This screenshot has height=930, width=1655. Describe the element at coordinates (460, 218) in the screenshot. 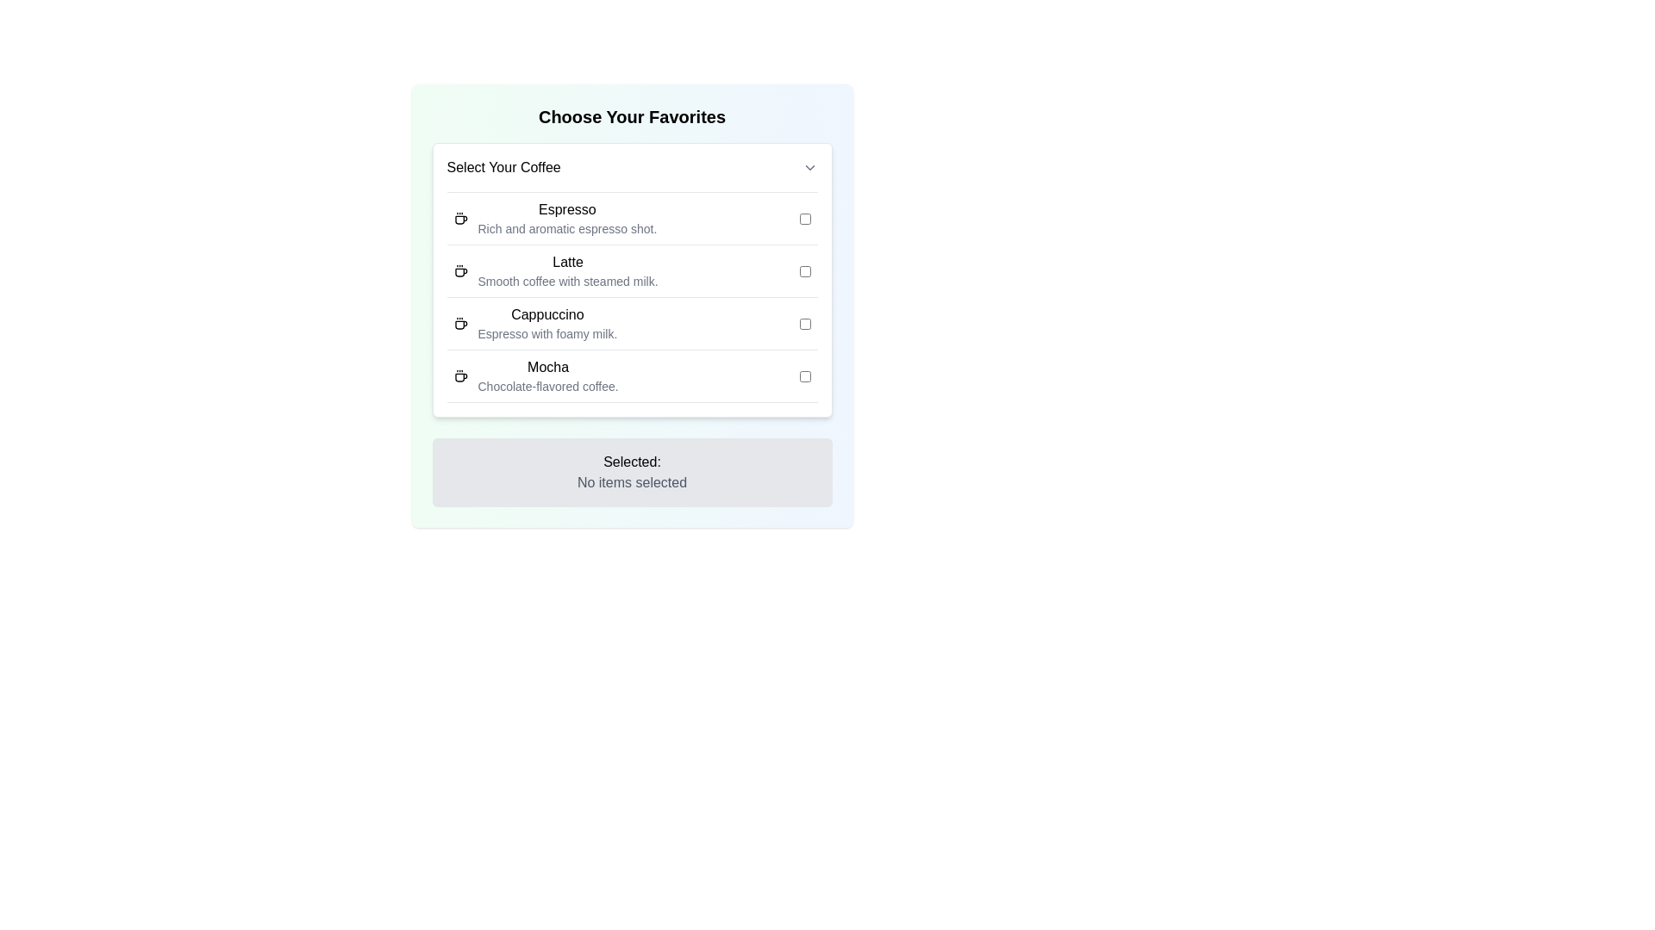

I see `the coffee cup icon, which is styled in an outline format and located next to the 'Espresso' label in the coffee selection list` at that location.